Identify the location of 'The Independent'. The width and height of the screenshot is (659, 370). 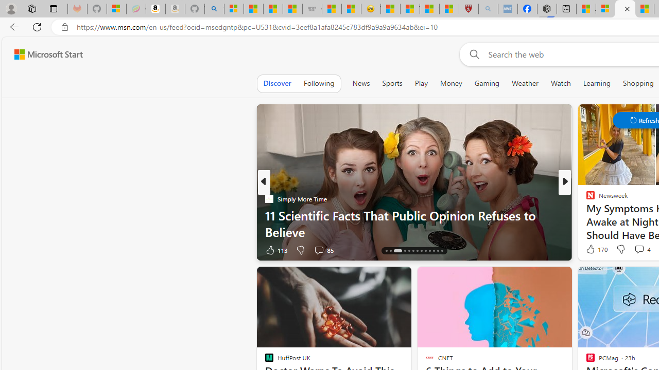
(586, 199).